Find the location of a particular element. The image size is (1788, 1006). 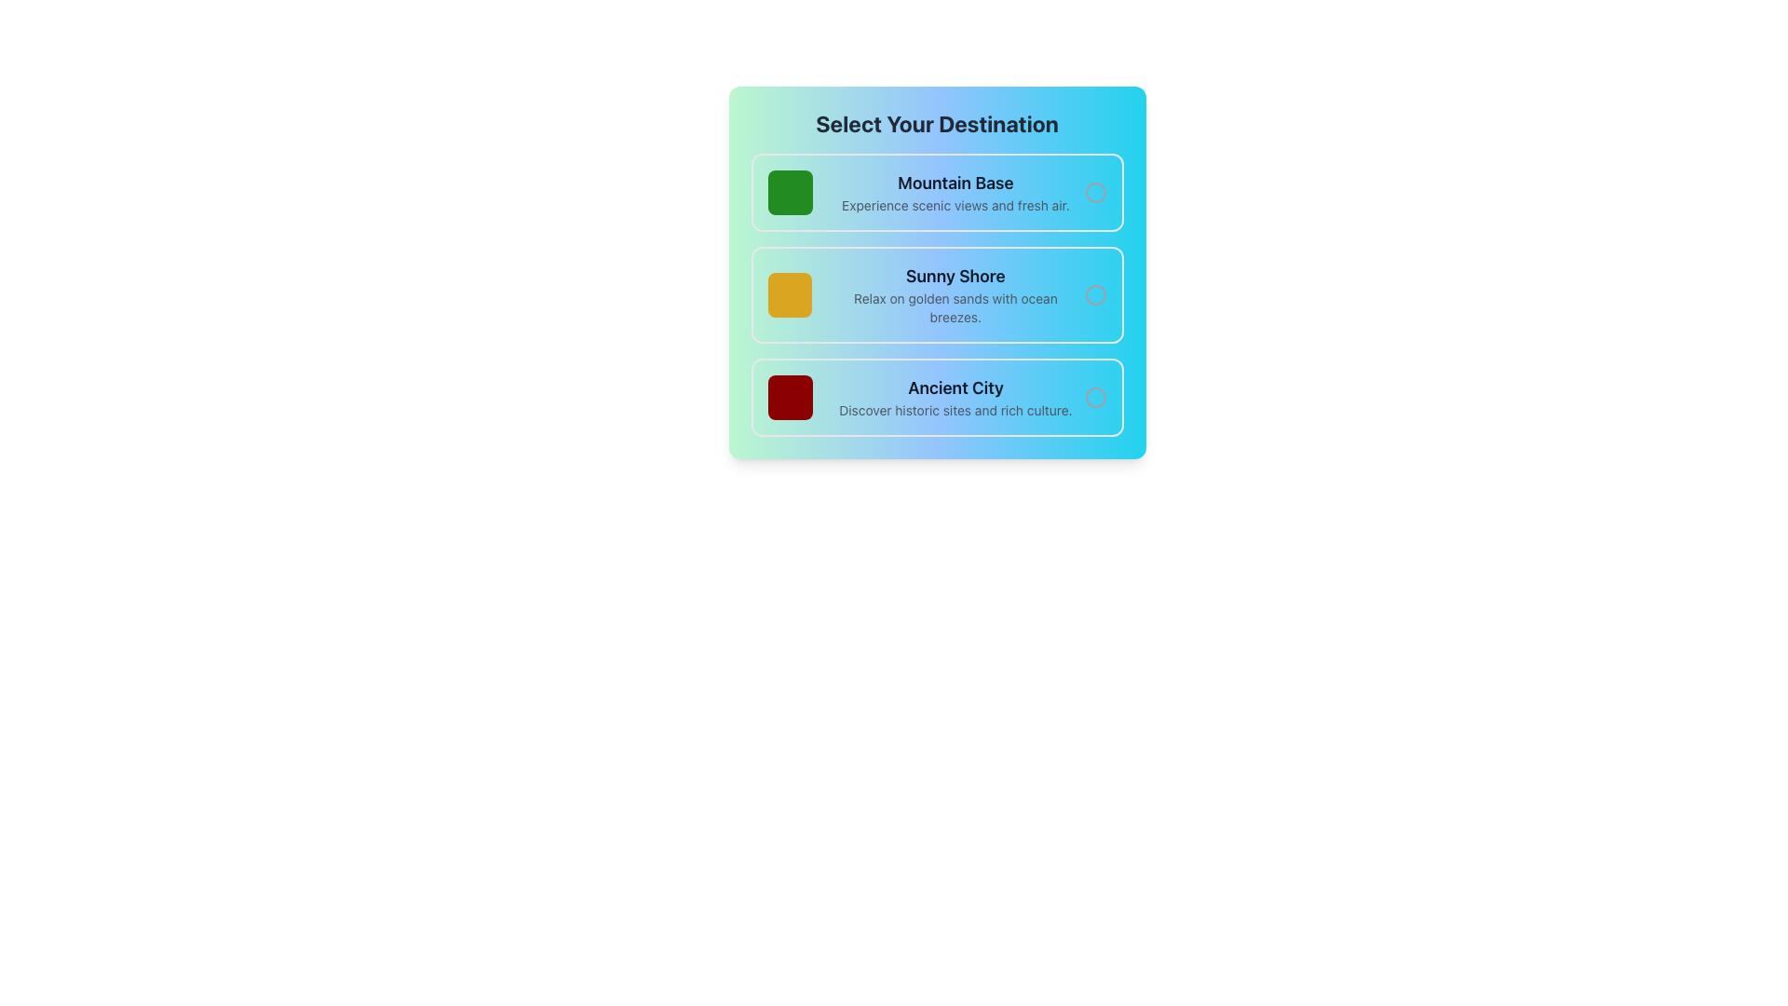

the gray circular outline radio button located on the far-right side of the 'Ancient City' selection box is located at coordinates (1095, 397).